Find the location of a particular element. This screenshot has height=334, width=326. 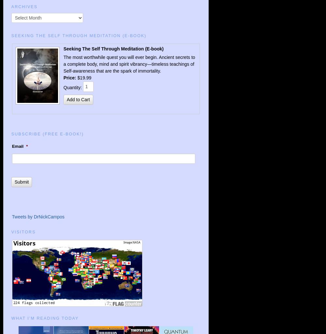

'ARCHIVES' is located at coordinates (24, 7).